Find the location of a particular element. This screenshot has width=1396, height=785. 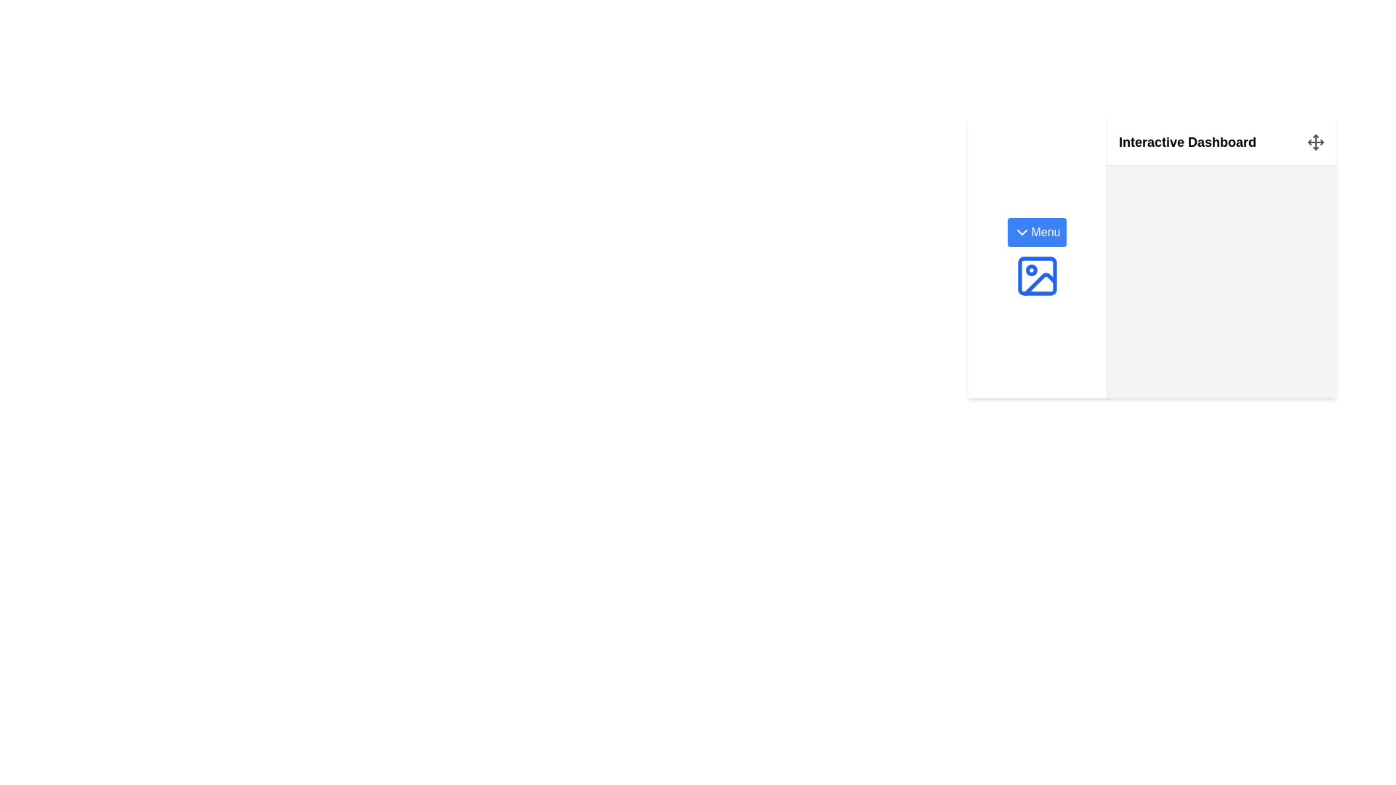

the icon representing four arrows pointing outward, located near the top-right corner of the 'Interactive Dashboard' header is located at coordinates (1315, 142).